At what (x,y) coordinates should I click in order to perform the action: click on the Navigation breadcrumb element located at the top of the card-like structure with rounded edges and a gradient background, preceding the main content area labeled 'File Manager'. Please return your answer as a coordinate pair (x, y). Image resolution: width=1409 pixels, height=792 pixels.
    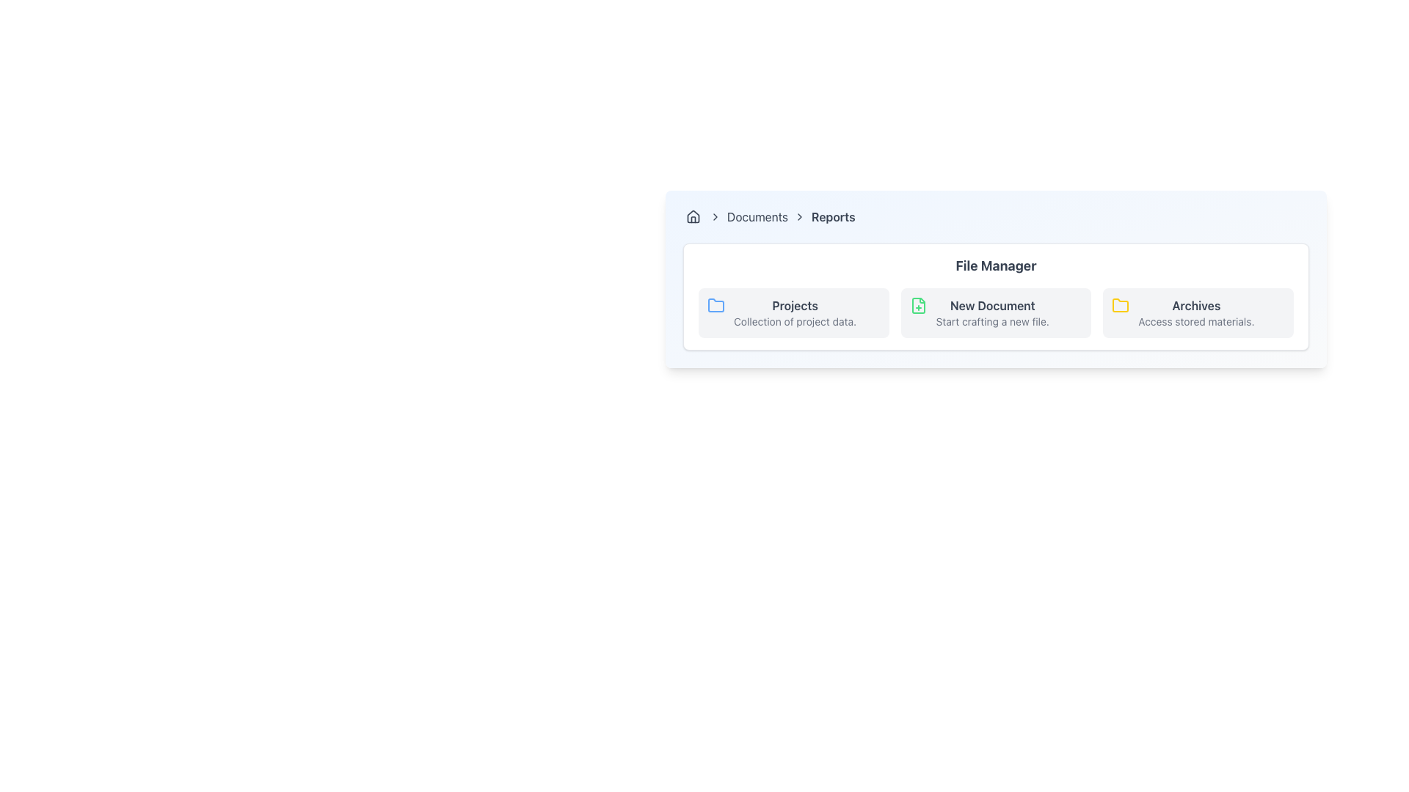
    Looking at the image, I should click on (996, 217).